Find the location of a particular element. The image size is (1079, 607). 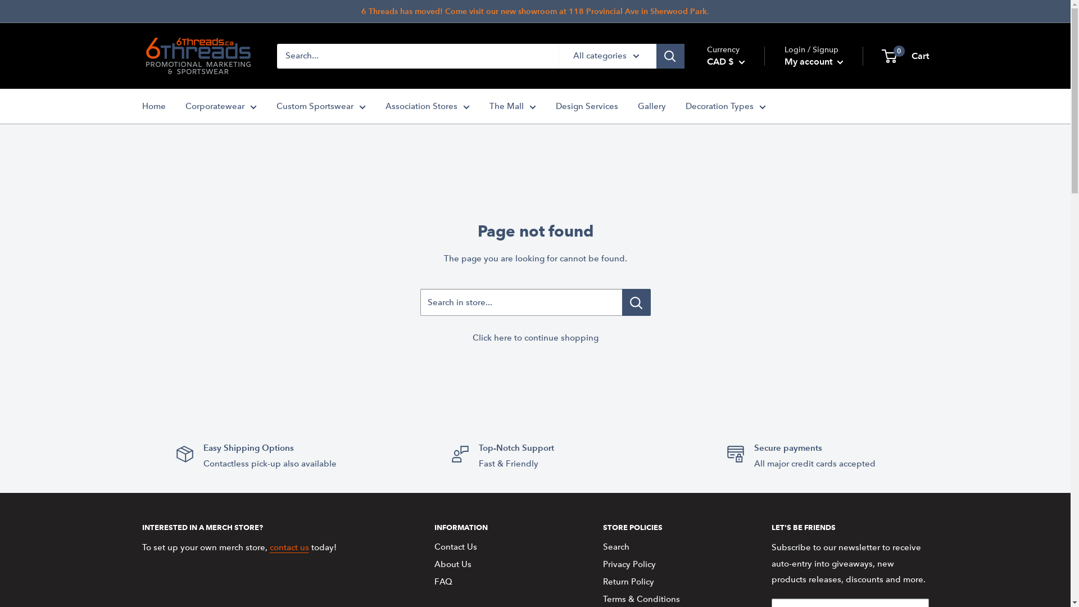

'STORE POLICIES' is located at coordinates (667, 527).